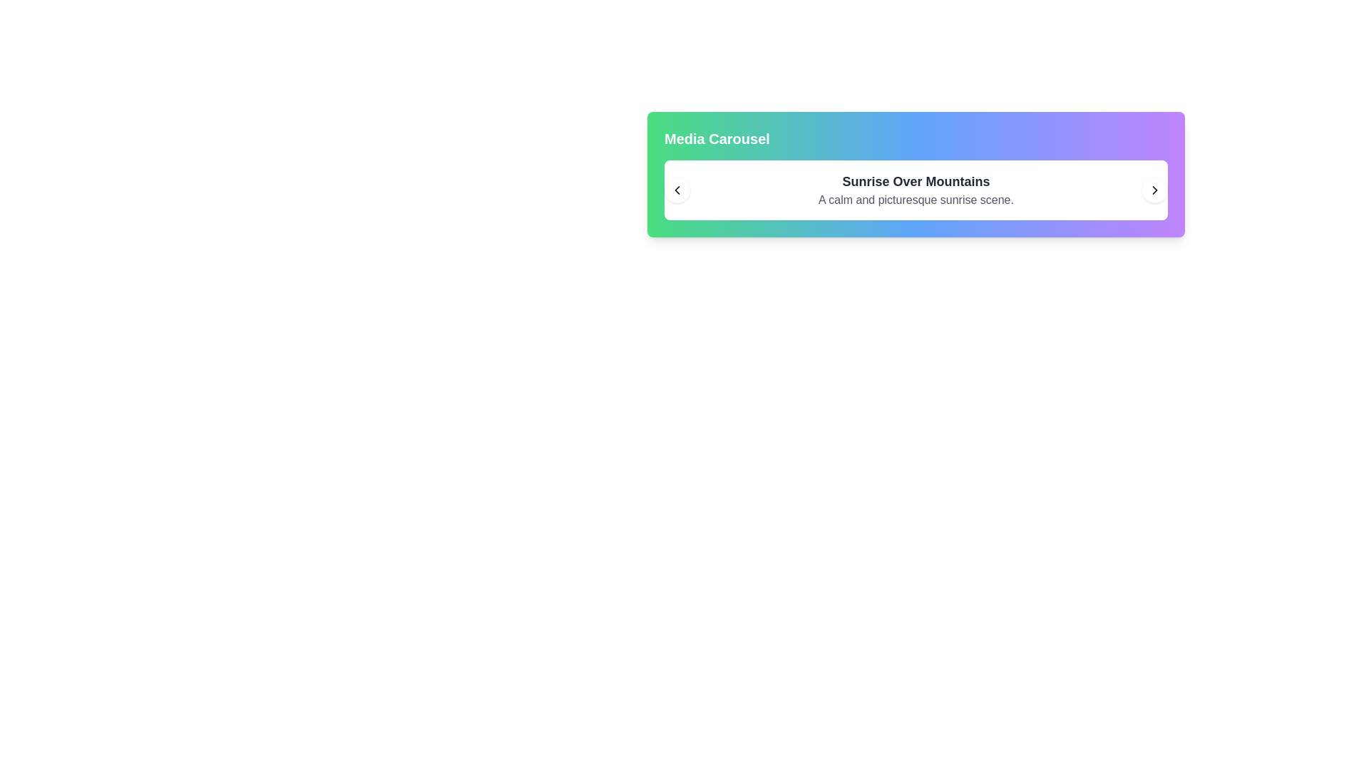 The width and height of the screenshot is (1369, 770). Describe the element at coordinates (916, 200) in the screenshot. I see `the static text content providing details about the heading 'Sunrise Over Mountains', which is positioned below the heading within a rounded and shadowed white background` at that location.